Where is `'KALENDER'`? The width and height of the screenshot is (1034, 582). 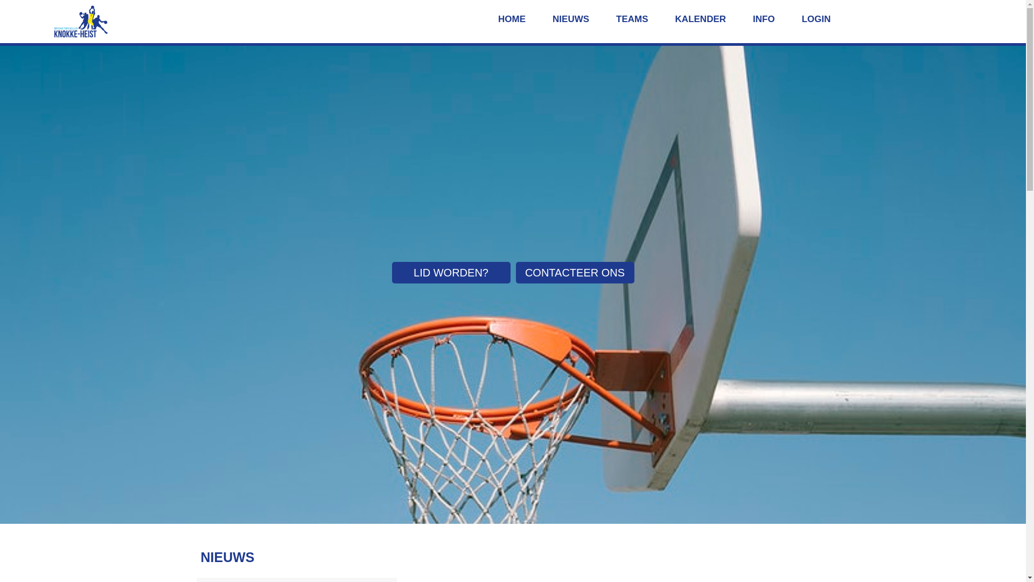 'KALENDER' is located at coordinates (700, 19).